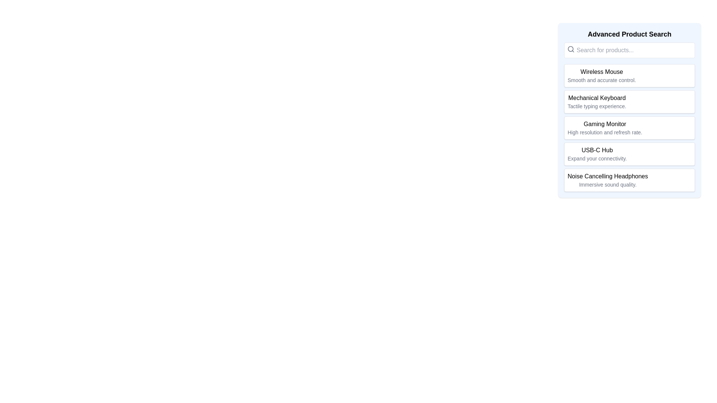  What do you see at coordinates (602, 76) in the screenshot?
I see `the text block containing the title and description of the 'Wireless Mouse'` at bounding box center [602, 76].